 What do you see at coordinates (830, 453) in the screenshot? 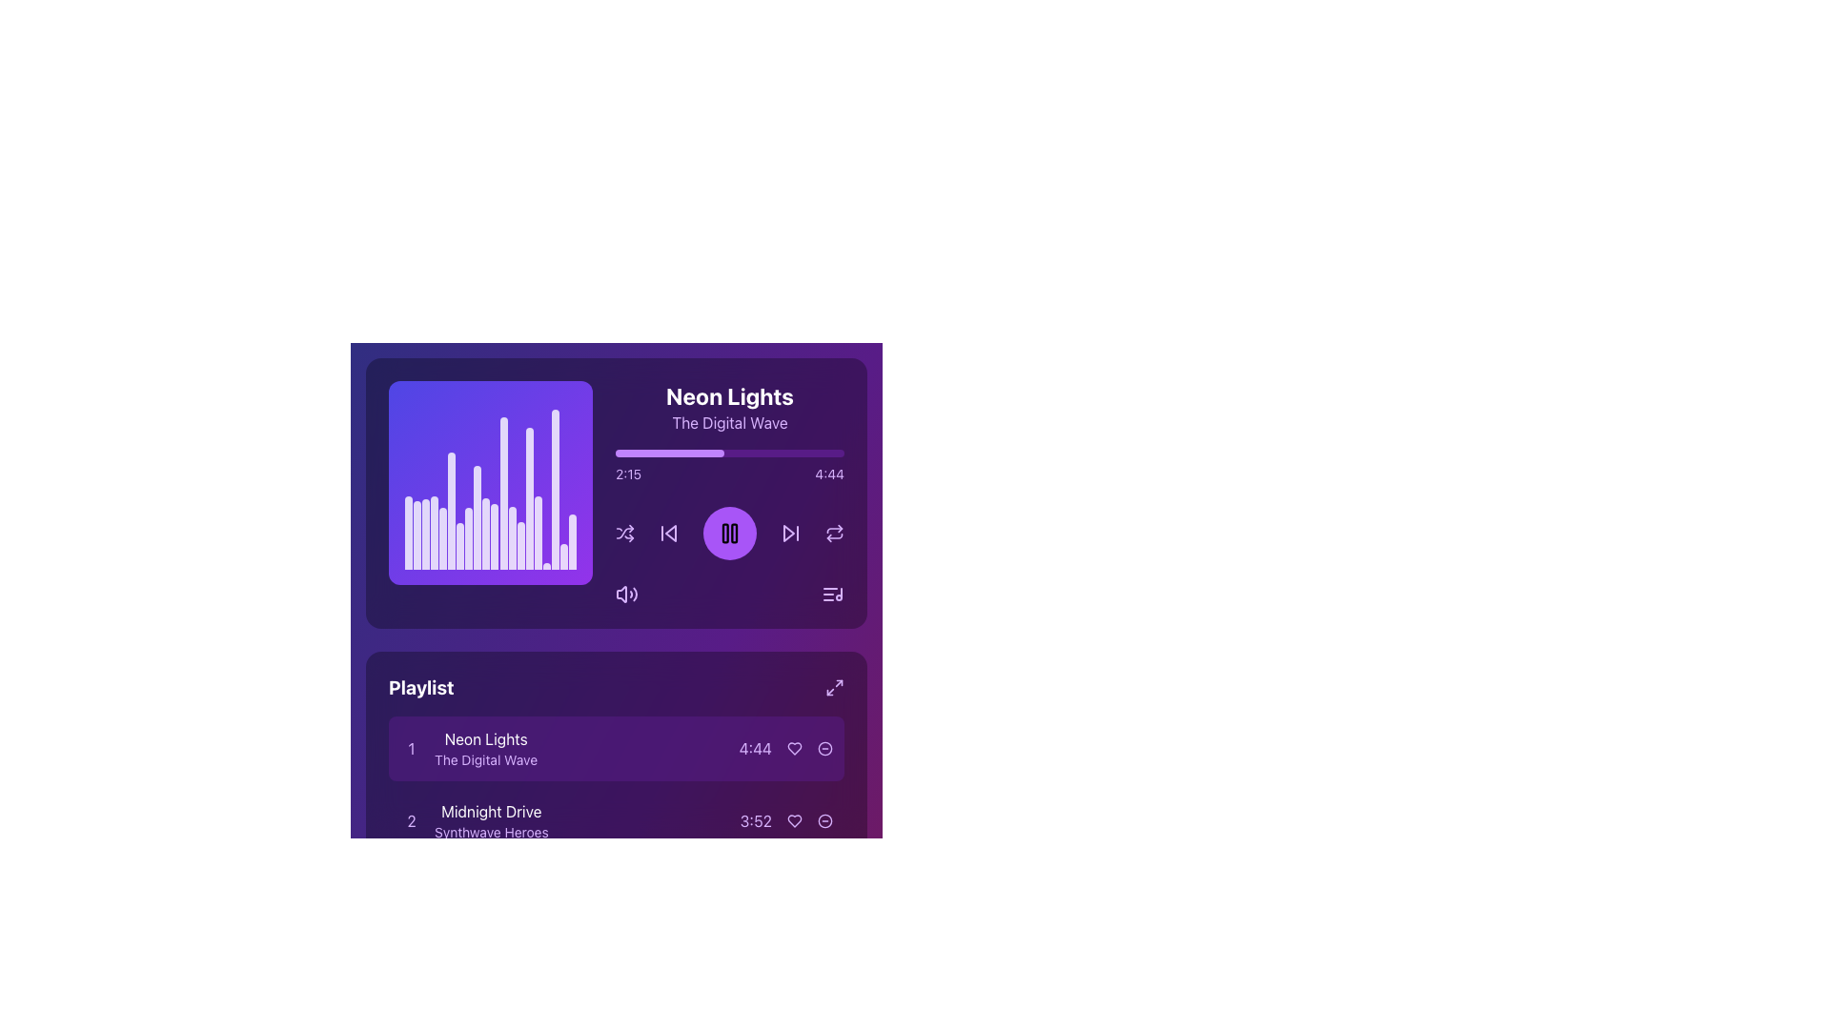
I see `the progress` at bounding box center [830, 453].